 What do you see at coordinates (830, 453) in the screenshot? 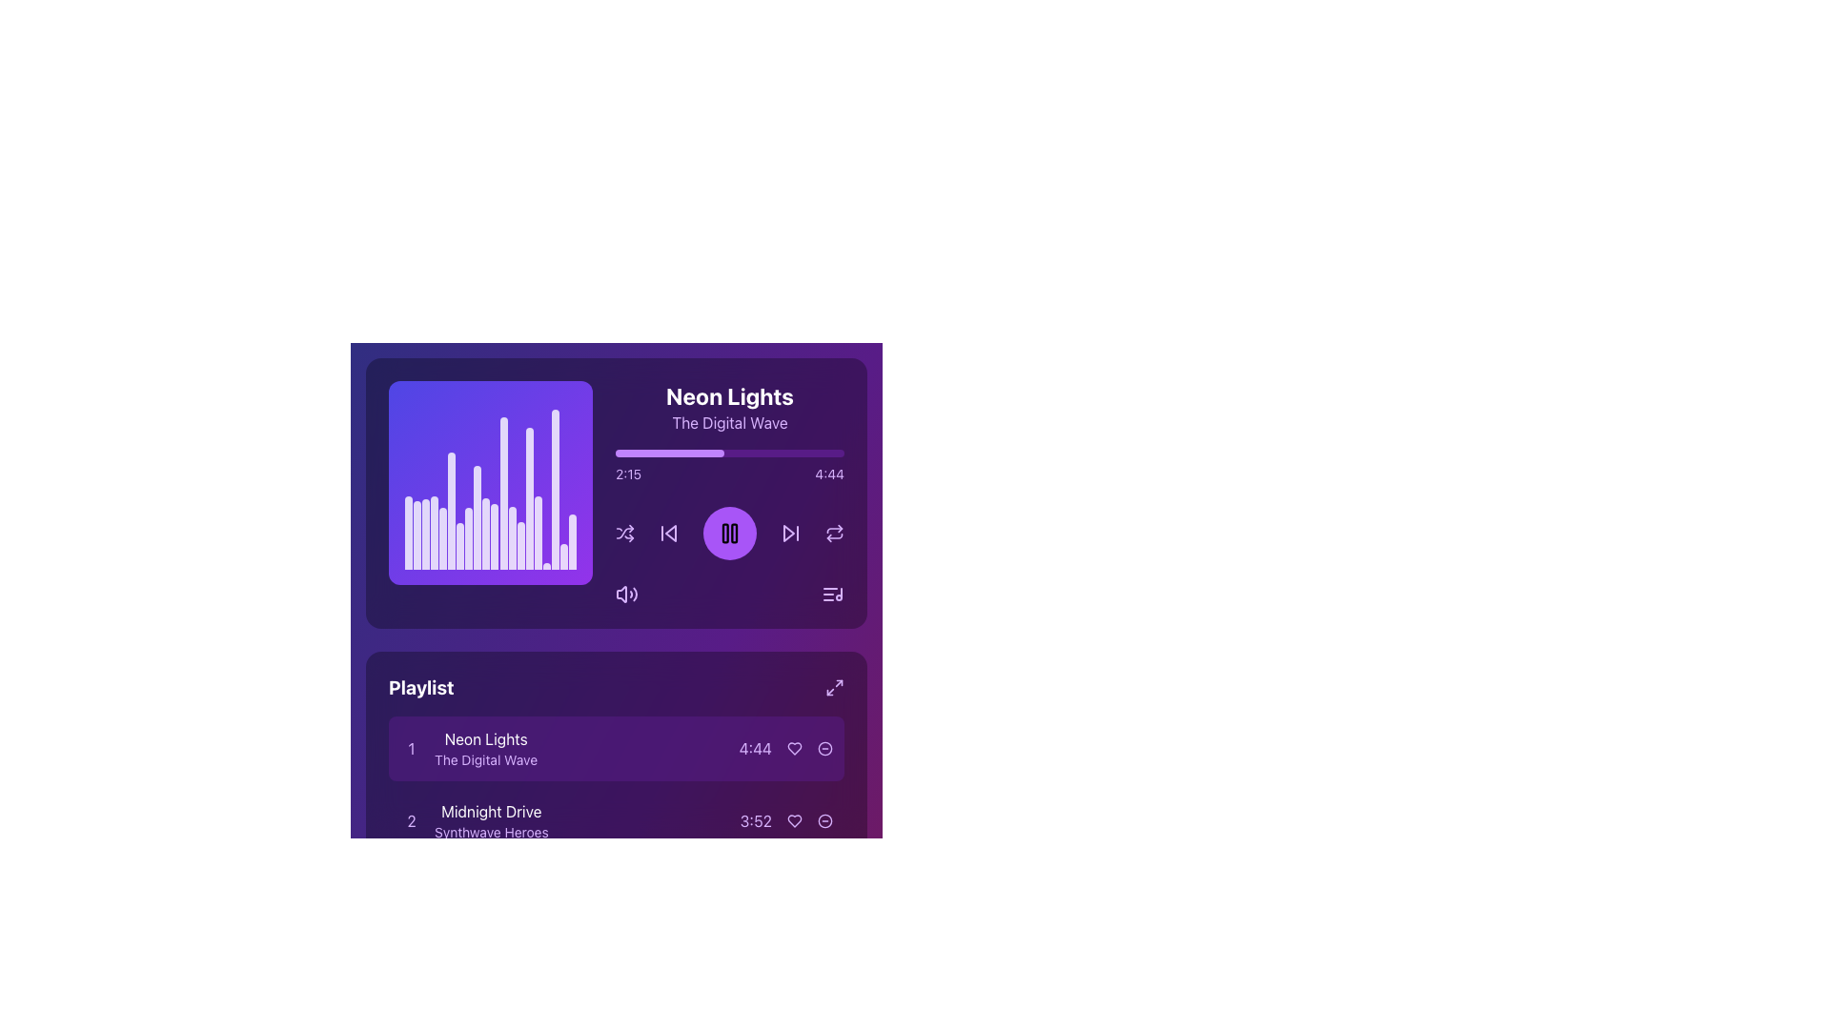
I see `the progress` at bounding box center [830, 453].